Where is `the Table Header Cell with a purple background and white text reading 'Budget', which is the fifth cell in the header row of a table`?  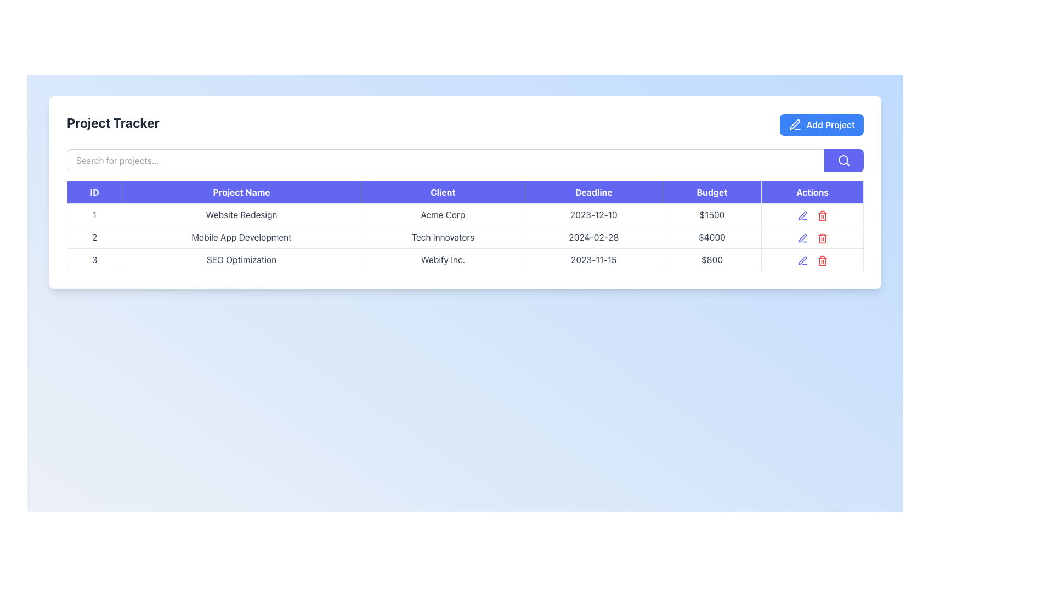
the Table Header Cell with a purple background and white text reading 'Budget', which is the fifth cell in the header row of a table is located at coordinates (712, 192).